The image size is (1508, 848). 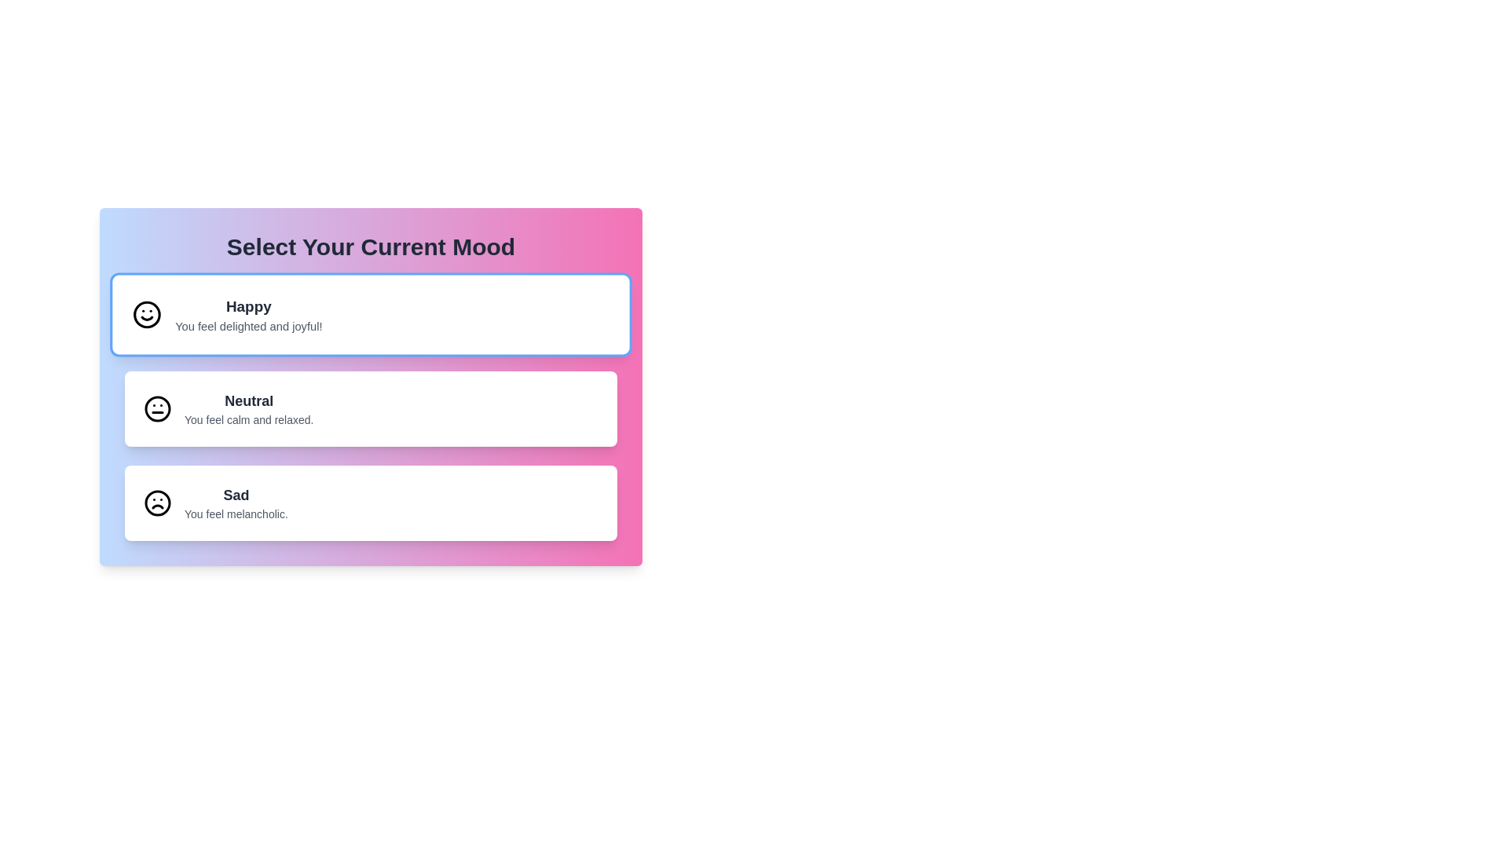 I want to click on the text label displaying the word 'Sad', which is styled in bold and located within the third section of mood options, so click(x=235, y=495).